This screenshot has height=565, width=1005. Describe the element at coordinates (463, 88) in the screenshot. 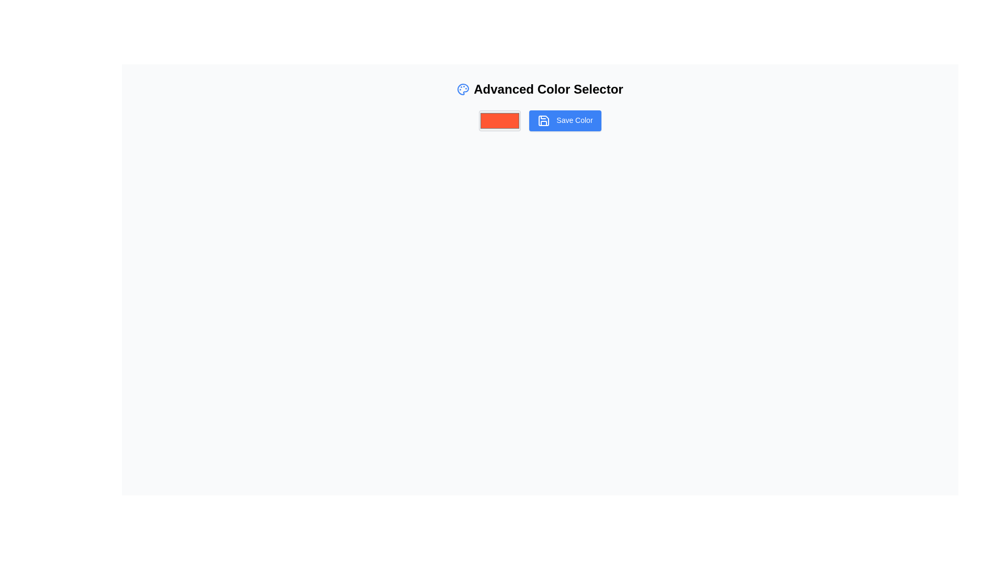

I see `the small blue palette icon with circular holes located to the left of the 'Advanced Color Selector' text` at that location.